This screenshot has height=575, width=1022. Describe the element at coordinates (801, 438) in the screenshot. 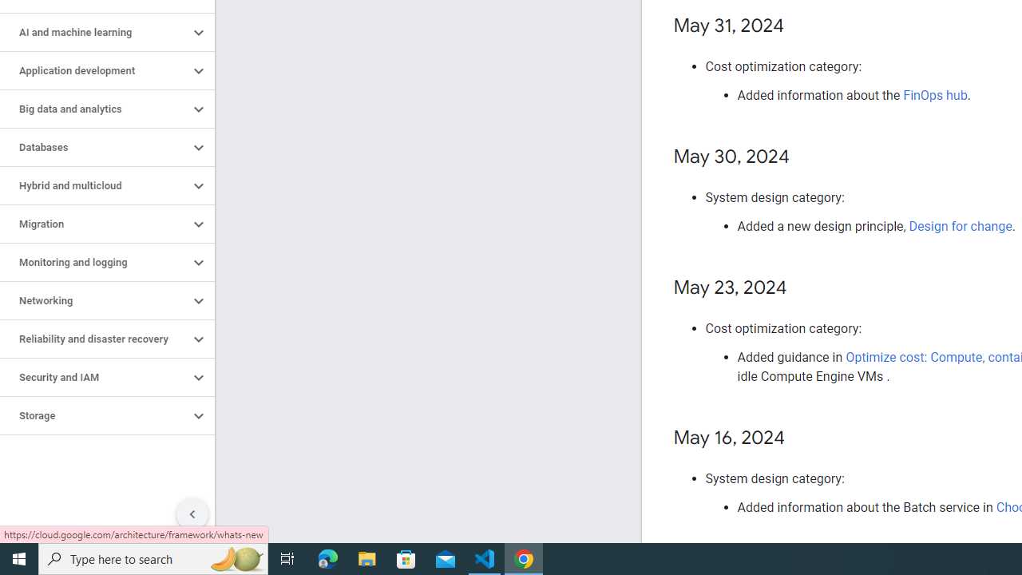

I see `'Copy link to this section: May 16, 2024'` at that location.